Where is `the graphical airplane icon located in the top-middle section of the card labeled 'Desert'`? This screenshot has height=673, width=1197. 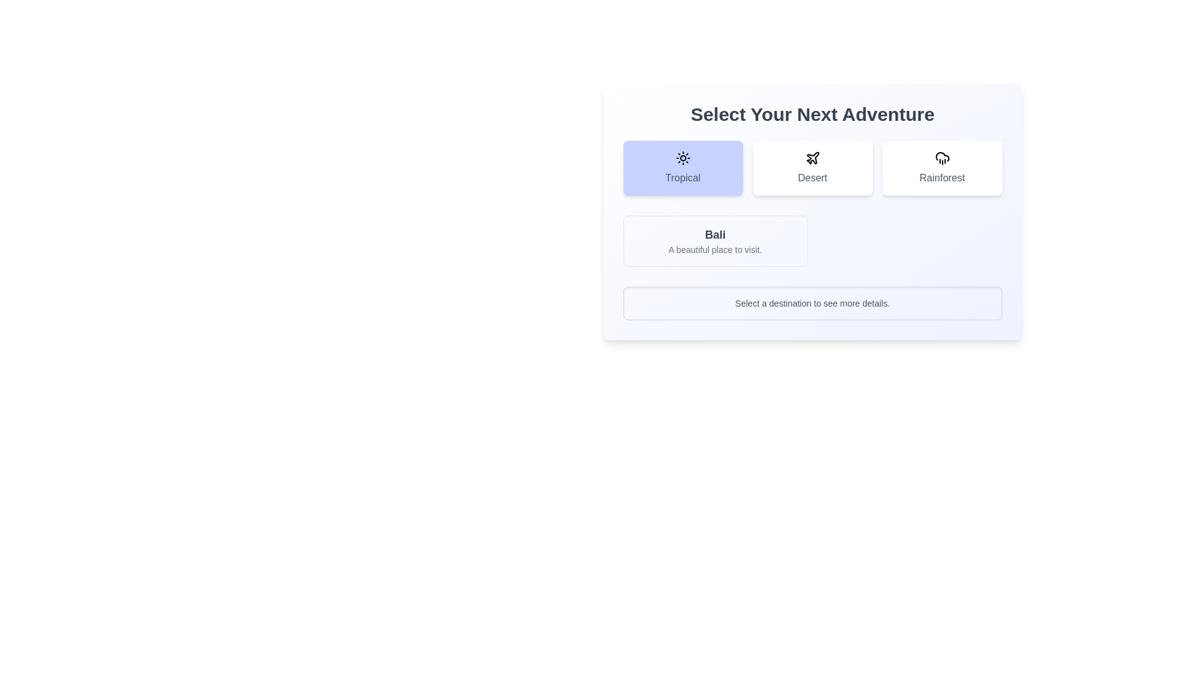 the graphical airplane icon located in the top-middle section of the card labeled 'Desert' is located at coordinates (812, 158).